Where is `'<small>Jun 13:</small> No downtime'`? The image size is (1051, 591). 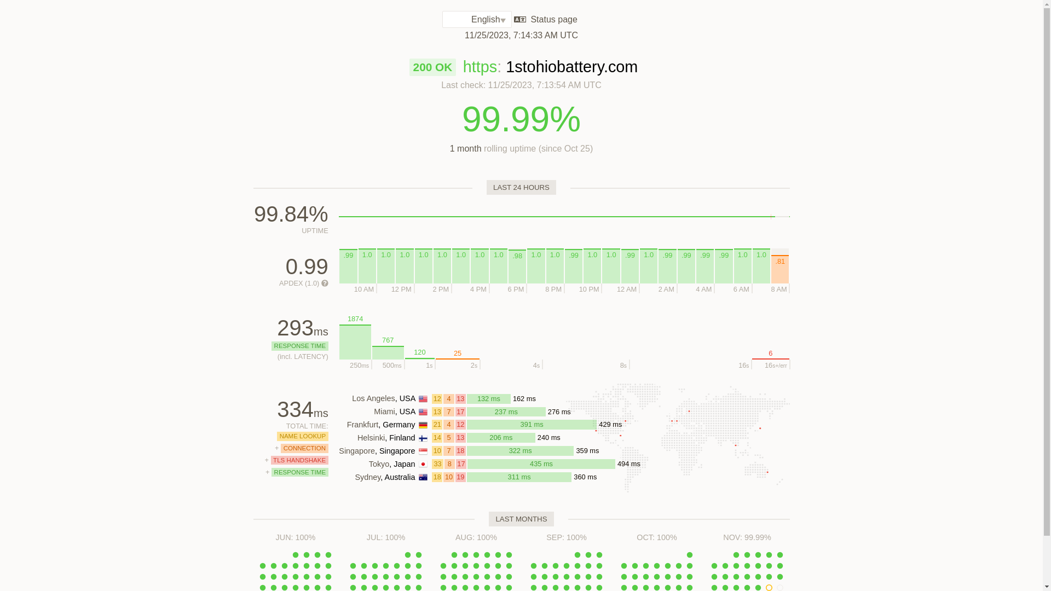
'<small>Jun 13:</small> No downtime' is located at coordinates (273, 576).